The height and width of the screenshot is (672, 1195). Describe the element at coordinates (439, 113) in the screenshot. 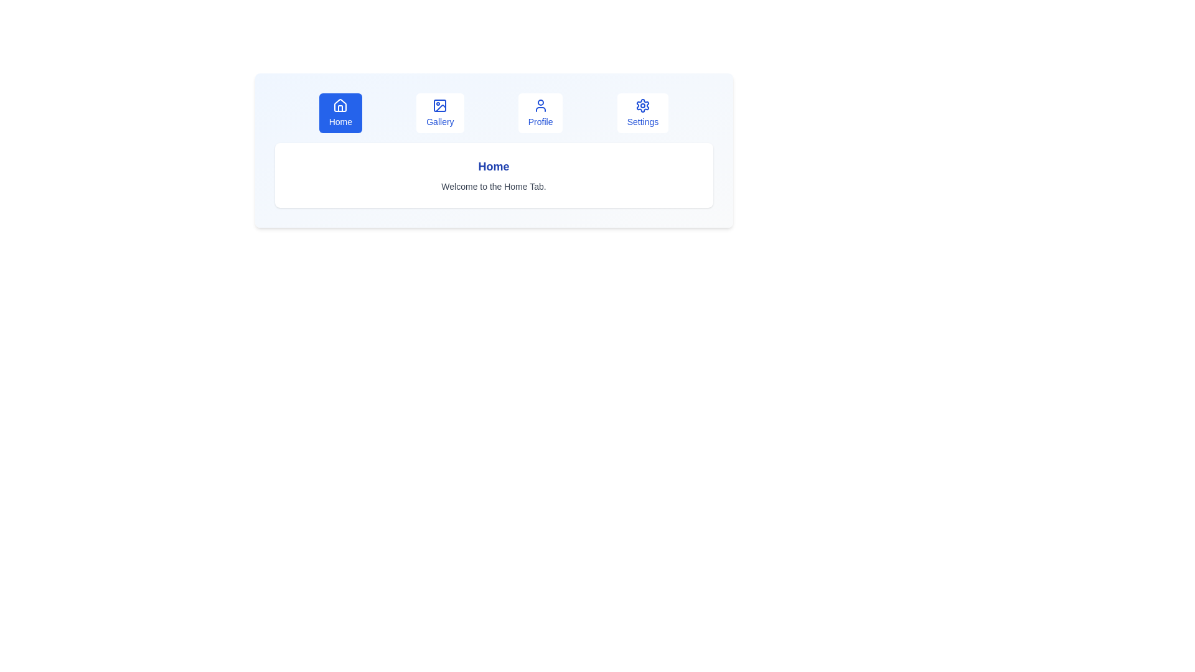

I see `the Gallery tab to display its content` at that location.